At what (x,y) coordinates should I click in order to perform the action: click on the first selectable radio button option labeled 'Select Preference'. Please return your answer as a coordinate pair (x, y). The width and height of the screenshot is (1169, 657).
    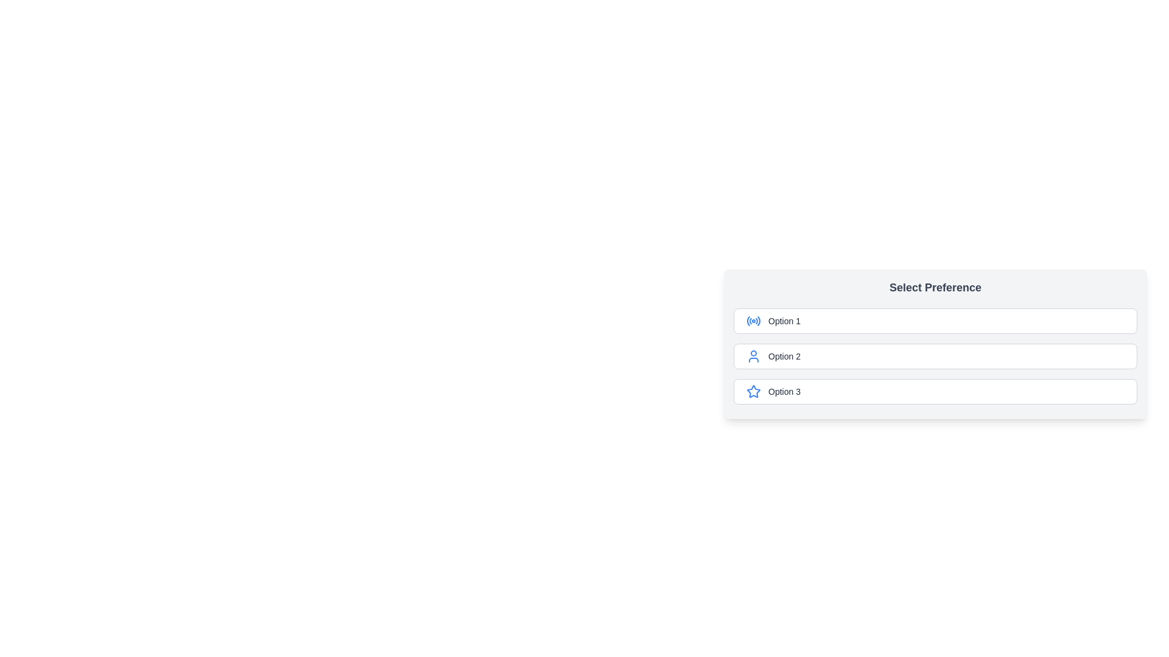
    Looking at the image, I should click on (935, 321).